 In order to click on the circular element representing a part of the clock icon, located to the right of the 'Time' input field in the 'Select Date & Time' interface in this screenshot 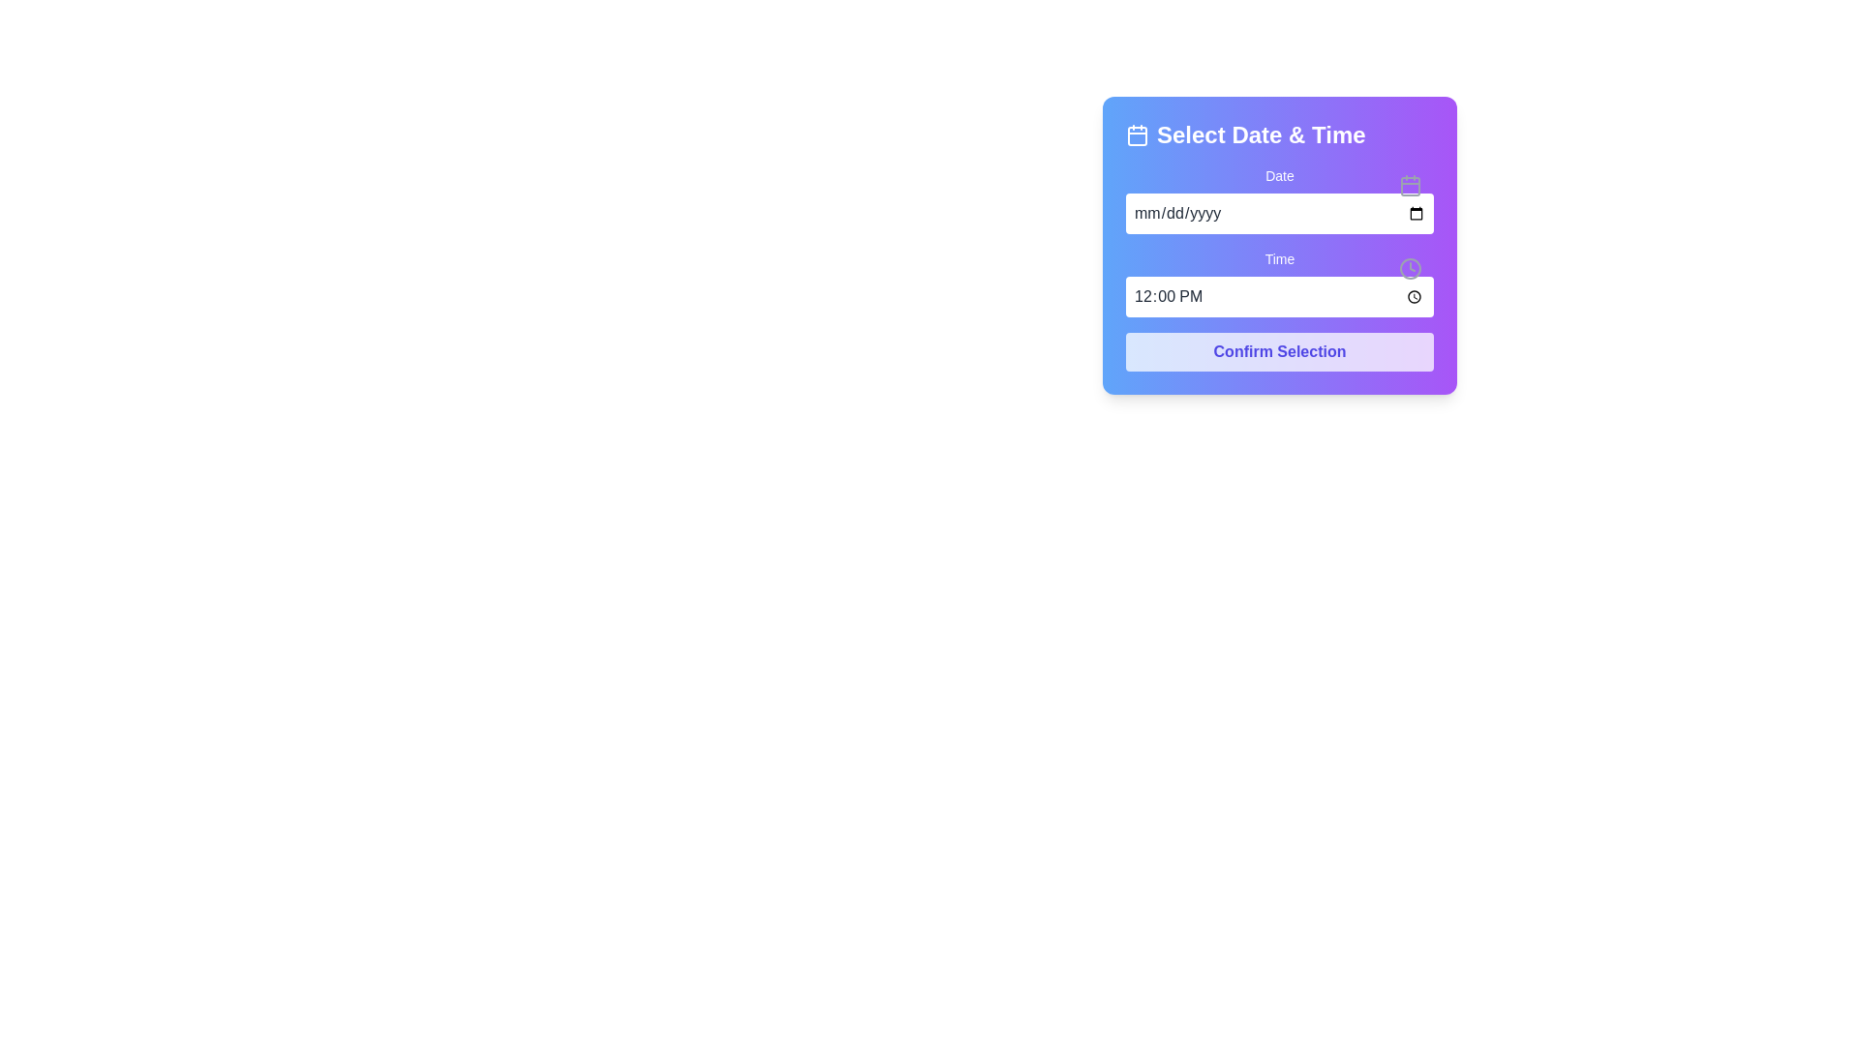, I will do `click(1411, 268)`.